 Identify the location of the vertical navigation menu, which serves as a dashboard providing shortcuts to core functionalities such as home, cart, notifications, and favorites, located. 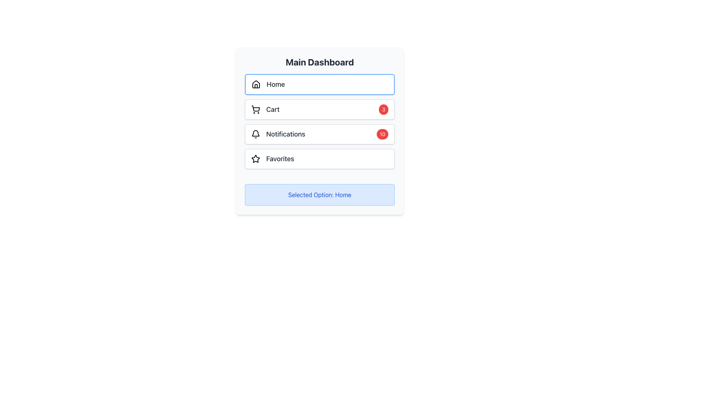
(320, 121).